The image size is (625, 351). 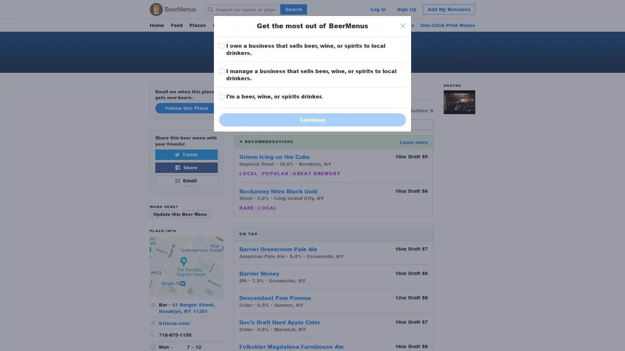 What do you see at coordinates (293, 9) in the screenshot?
I see `Search` at bounding box center [293, 9].